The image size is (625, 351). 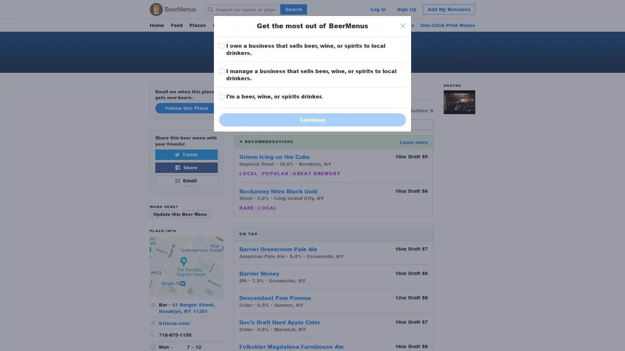 What do you see at coordinates (293, 9) in the screenshot?
I see `Search` at bounding box center [293, 9].